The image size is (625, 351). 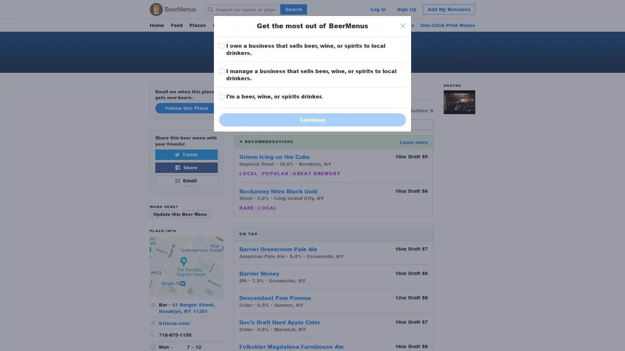 What do you see at coordinates (293, 9) in the screenshot?
I see `Search` at bounding box center [293, 9].